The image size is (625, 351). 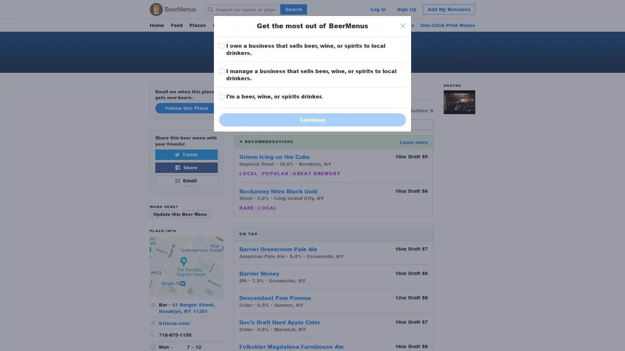 What do you see at coordinates (293, 9) in the screenshot?
I see `Search` at bounding box center [293, 9].